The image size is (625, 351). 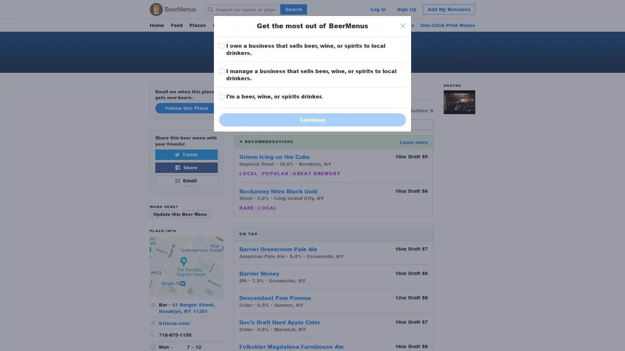 What do you see at coordinates (293, 9) in the screenshot?
I see `Search` at bounding box center [293, 9].